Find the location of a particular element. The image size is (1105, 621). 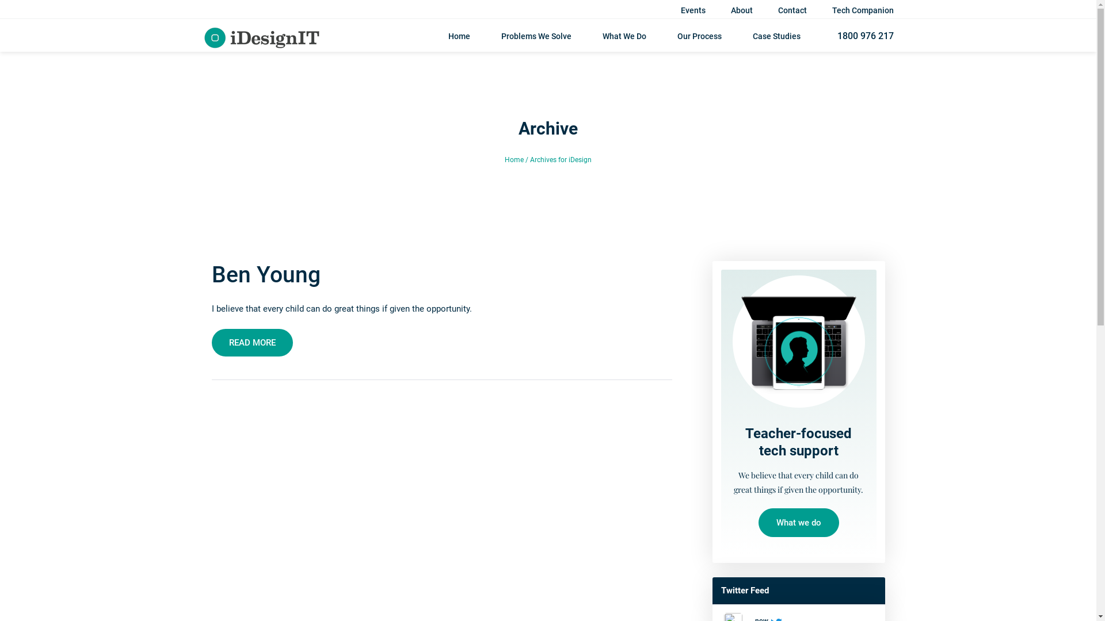

'What We Do' is located at coordinates (623, 40).